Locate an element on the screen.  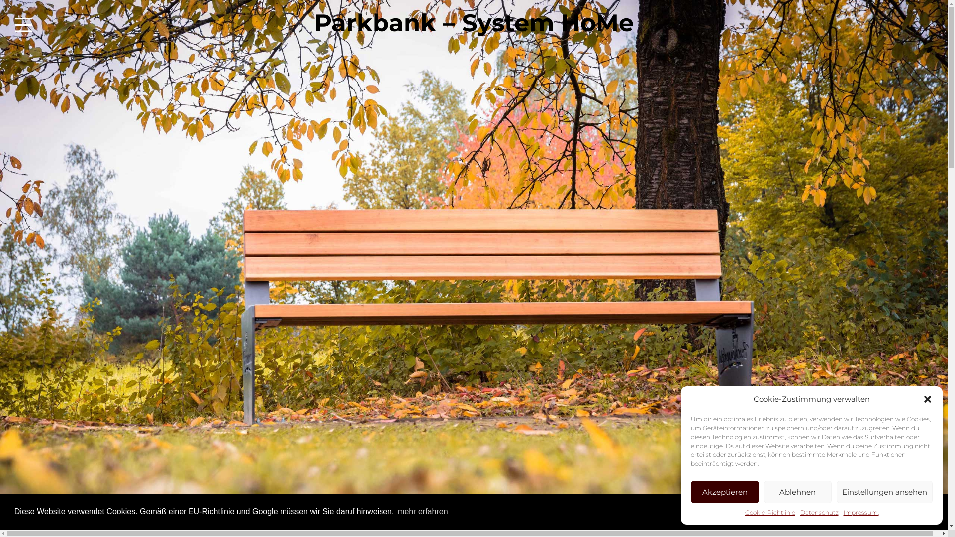
'Einstellungen ansehen' is located at coordinates (884, 491).